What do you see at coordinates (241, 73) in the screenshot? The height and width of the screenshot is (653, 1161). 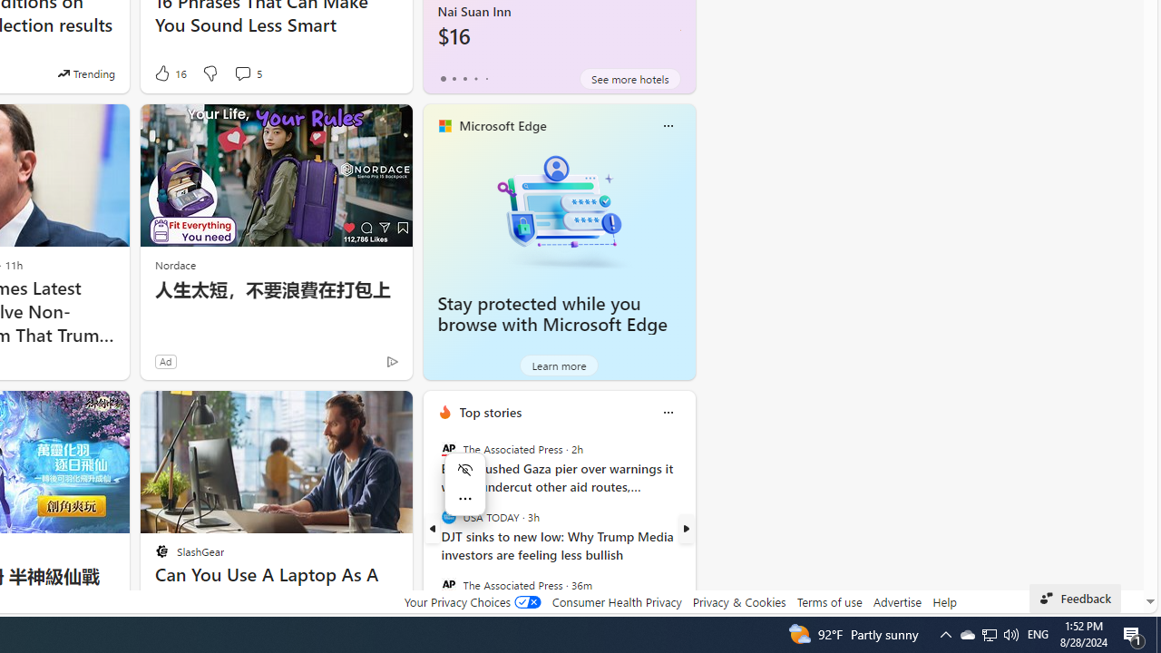 I see `'View comments 5 Comment'` at bounding box center [241, 73].